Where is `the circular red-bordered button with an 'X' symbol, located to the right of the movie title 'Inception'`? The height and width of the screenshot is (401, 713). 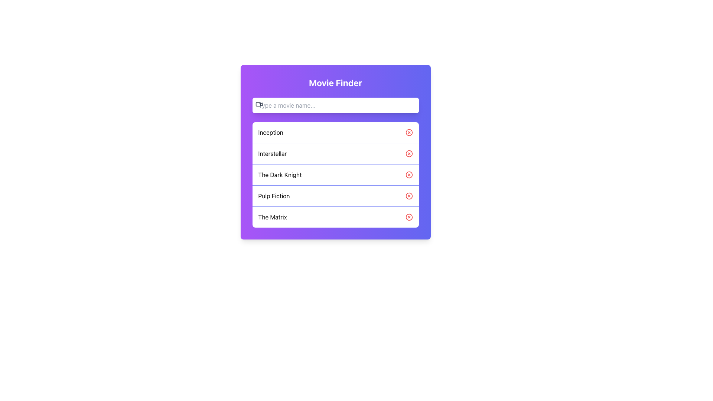 the circular red-bordered button with an 'X' symbol, located to the right of the movie title 'Inception' is located at coordinates (408, 132).